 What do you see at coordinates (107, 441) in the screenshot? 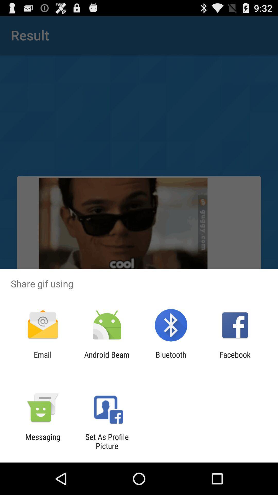
I see `item to the right of messaging item` at bounding box center [107, 441].